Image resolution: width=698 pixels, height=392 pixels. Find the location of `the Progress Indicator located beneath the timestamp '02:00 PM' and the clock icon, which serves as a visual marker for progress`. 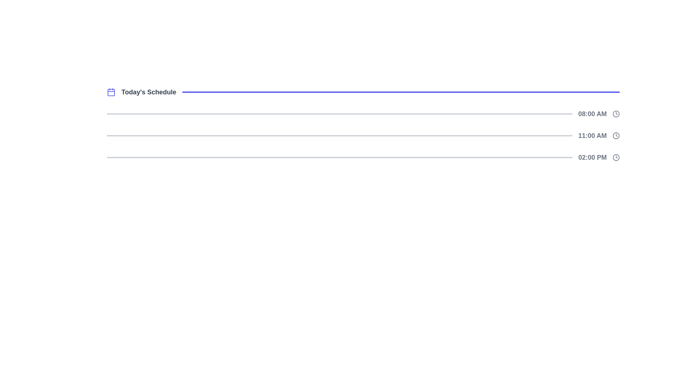

the Progress Indicator located beneath the timestamp '02:00 PM' and the clock icon, which serves as a visual marker for progress is located at coordinates (339, 157).